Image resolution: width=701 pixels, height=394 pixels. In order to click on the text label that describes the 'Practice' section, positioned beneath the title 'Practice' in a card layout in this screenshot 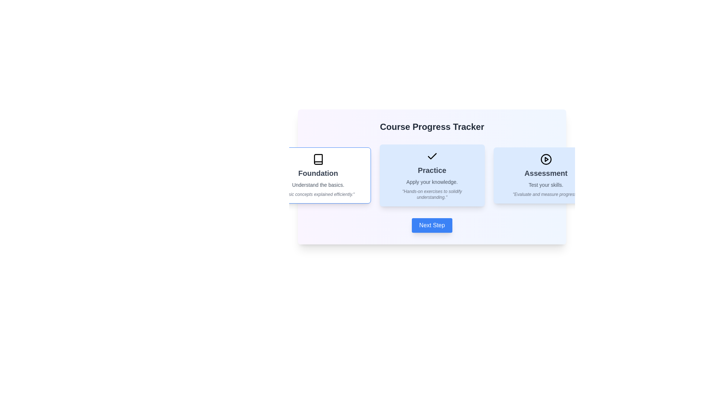, I will do `click(432, 181)`.